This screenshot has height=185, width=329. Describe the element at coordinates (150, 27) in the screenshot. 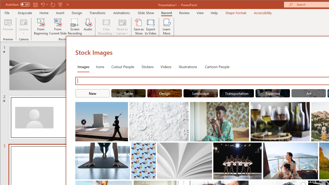

I see `'Export to Video'` at that location.